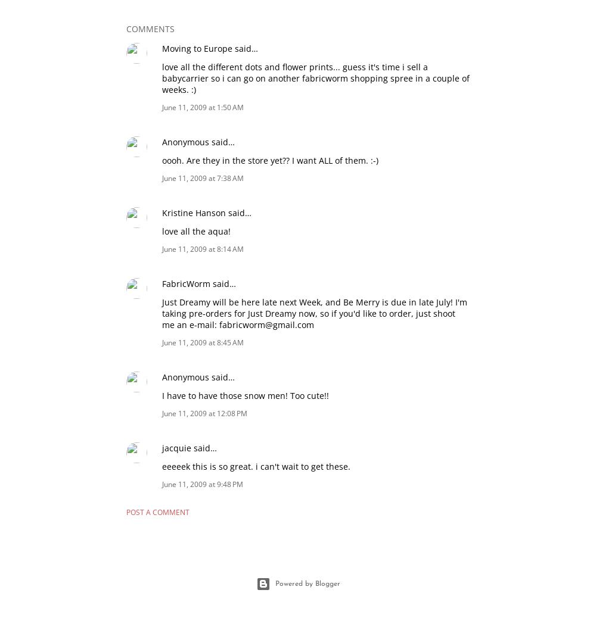 Image resolution: width=596 pixels, height=621 pixels. Describe the element at coordinates (202, 342) in the screenshot. I see `'June 11, 2009 at 8:45 AM'` at that location.